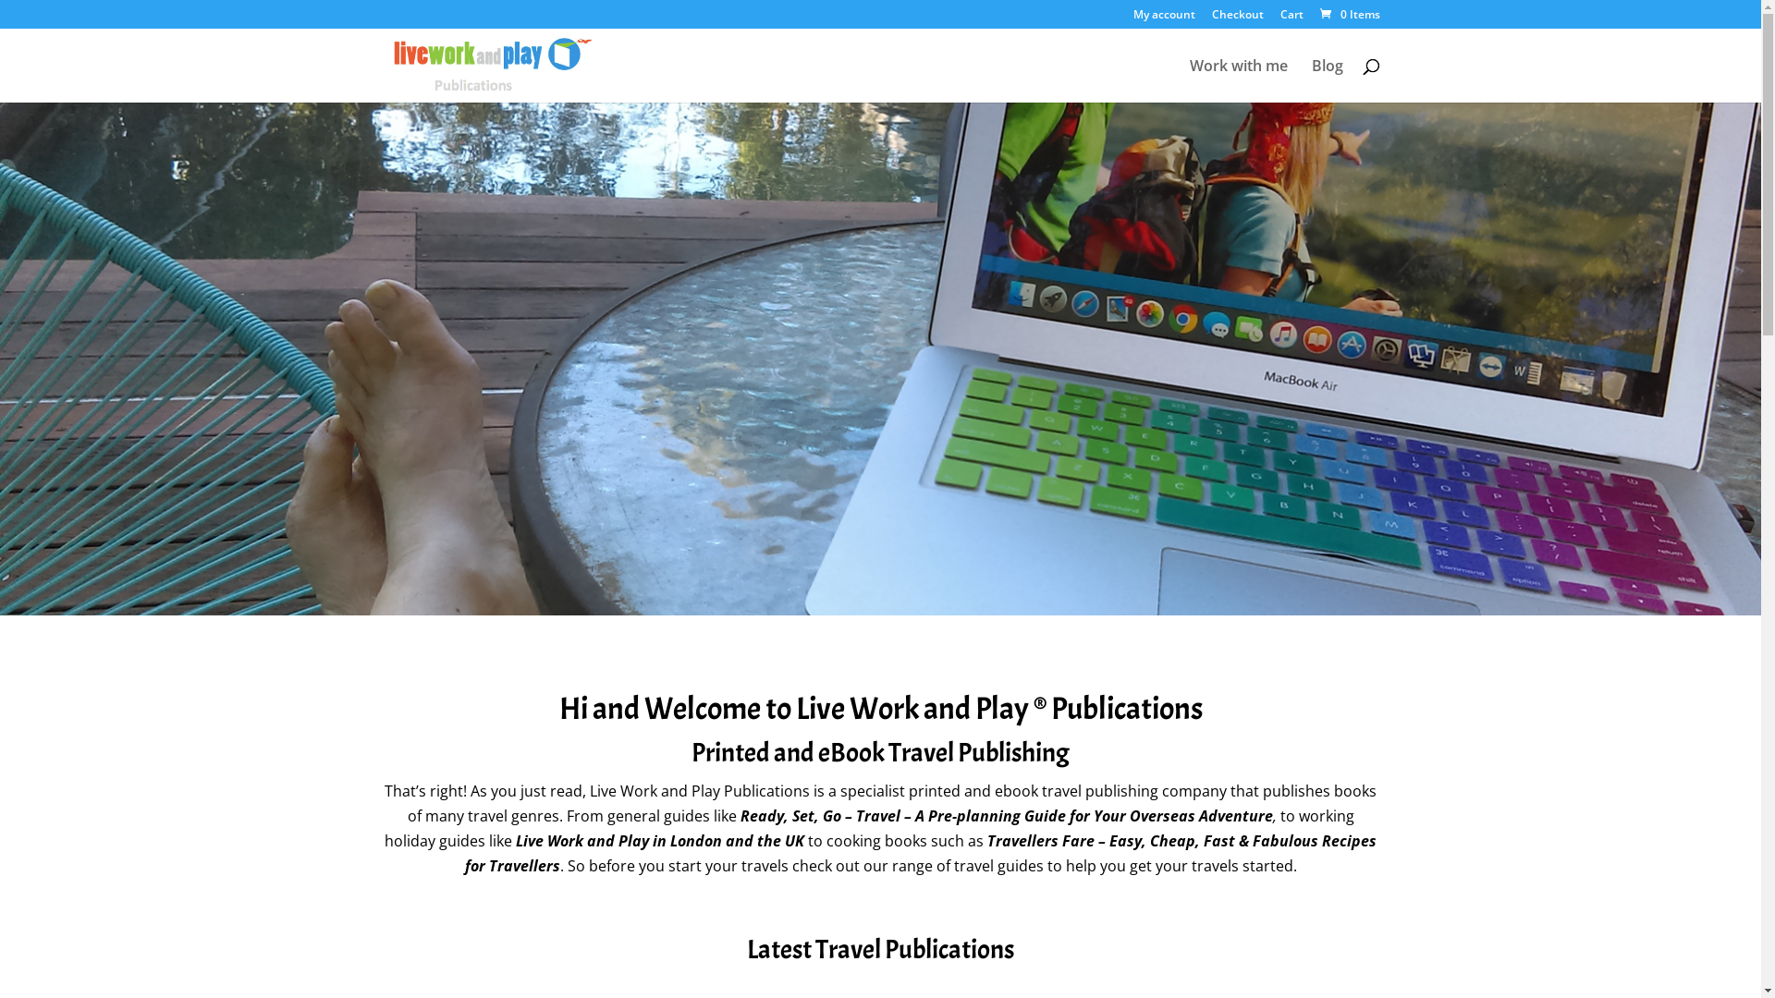 The image size is (1775, 998). What do you see at coordinates (1278, 18) in the screenshot?
I see `'Cart'` at bounding box center [1278, 18].